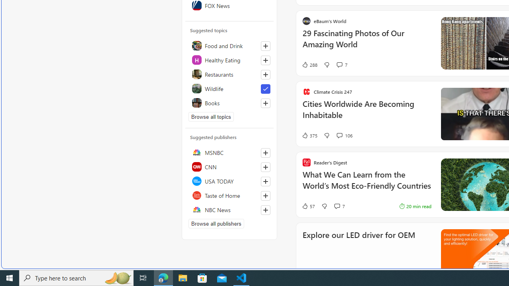 The image size is (509, 286). Describe the element at coordinates (229, 45) in the screenshot. I see `'Food and Drink'` at that location.